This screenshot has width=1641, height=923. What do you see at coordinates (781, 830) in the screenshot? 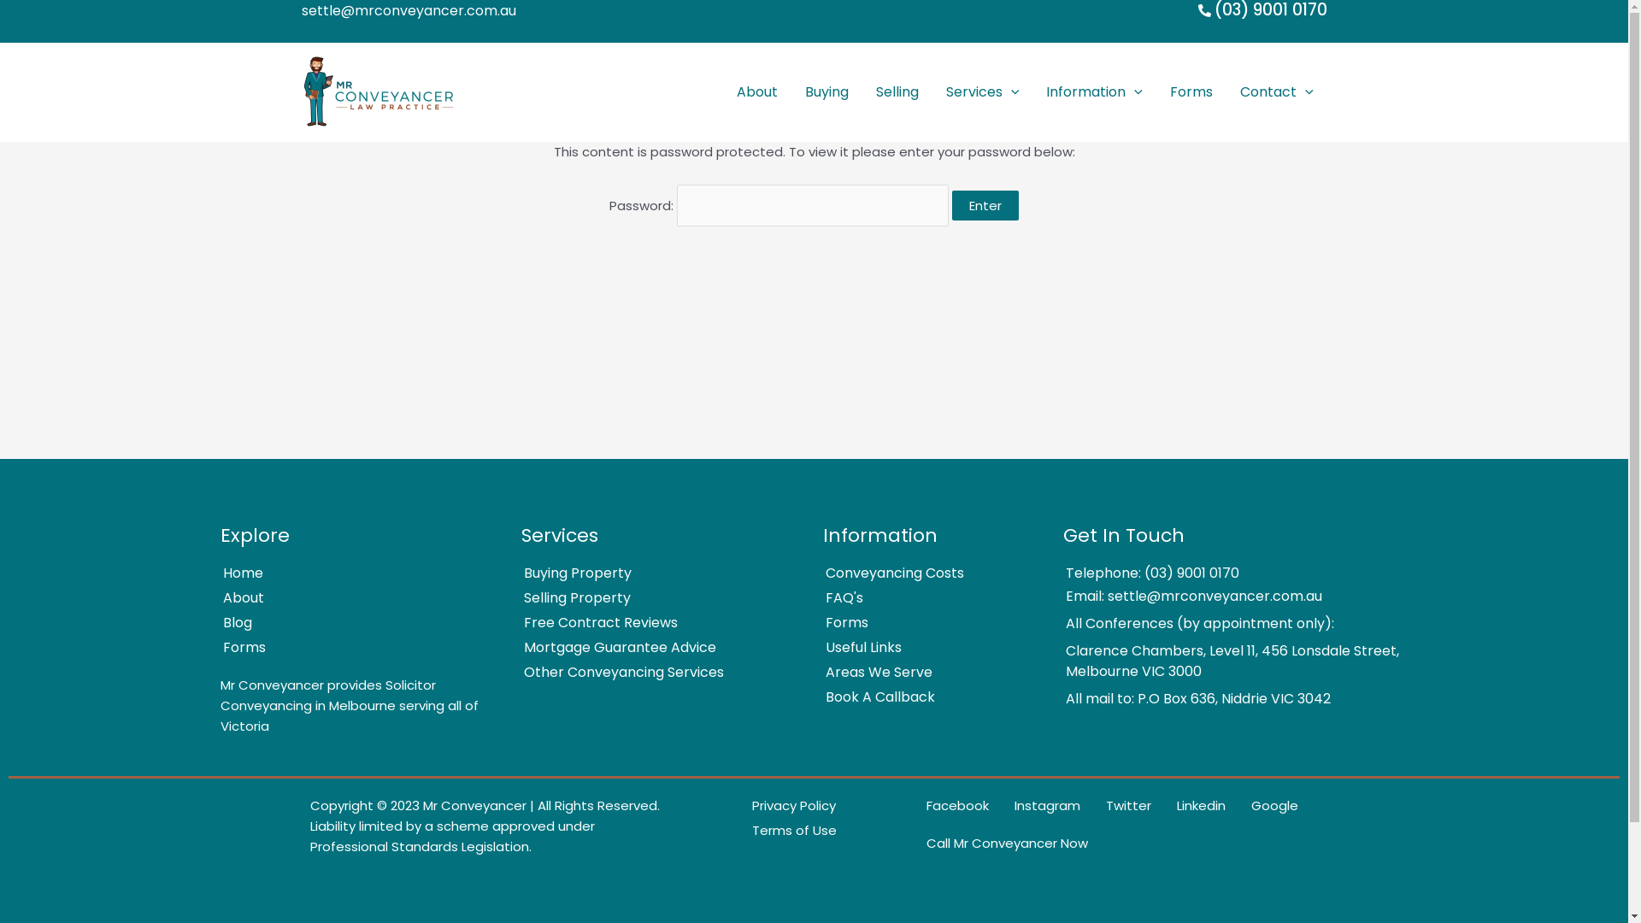
I see `'Terms of Use'` at bounding box center [781, 830].